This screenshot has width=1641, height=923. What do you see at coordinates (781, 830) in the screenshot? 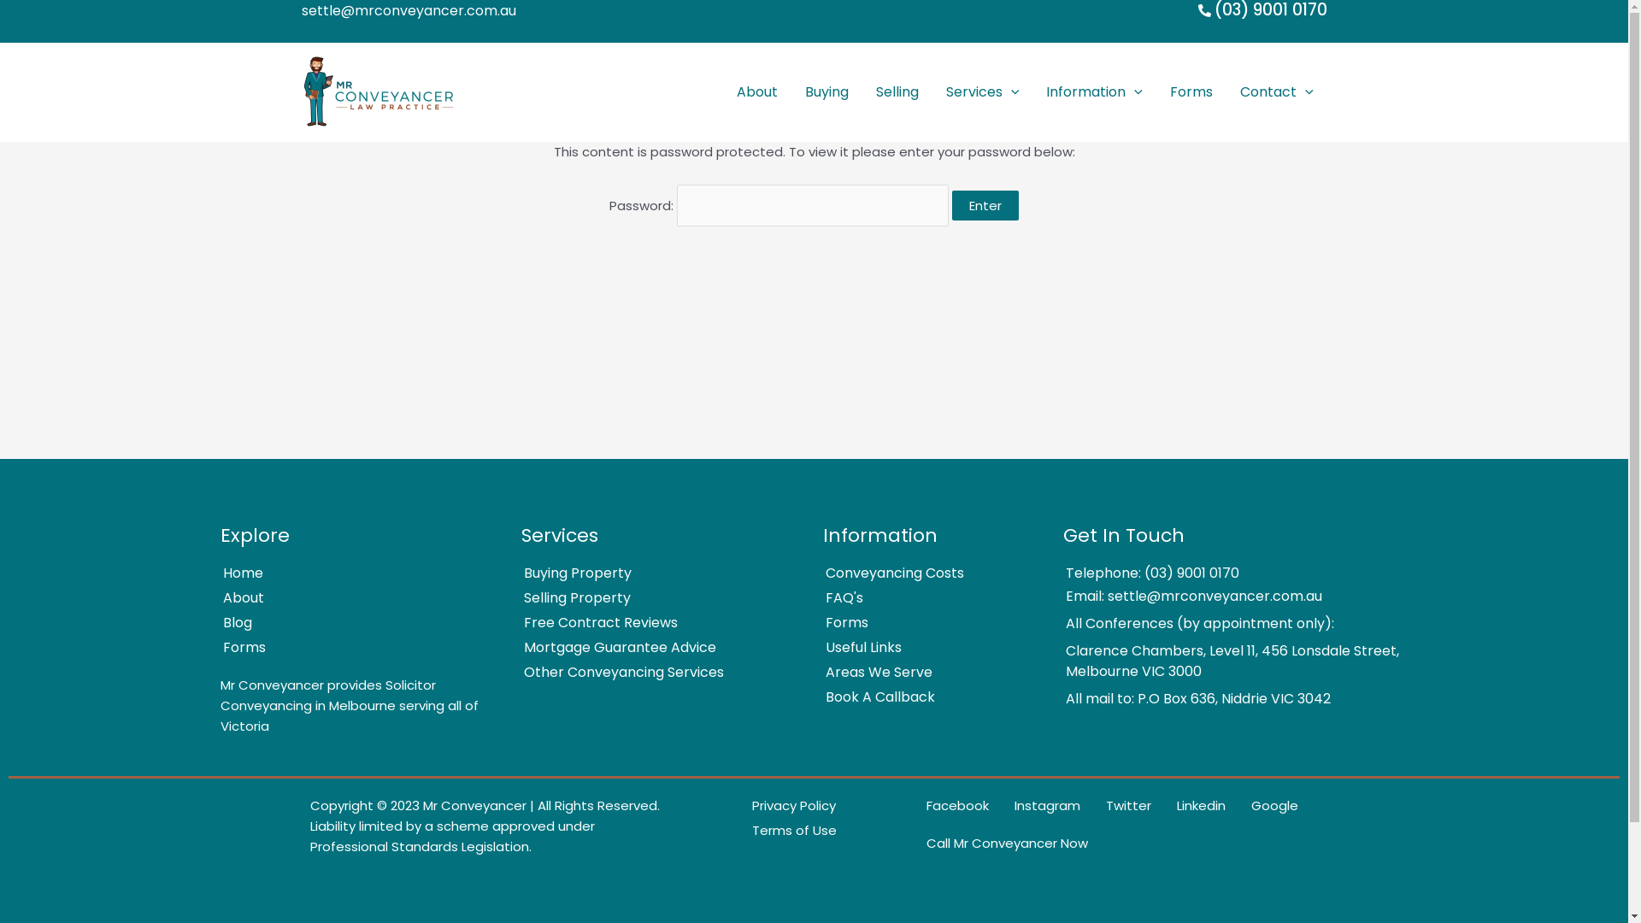
I see `'Terms of Use'` at bounding box center [781, 830].